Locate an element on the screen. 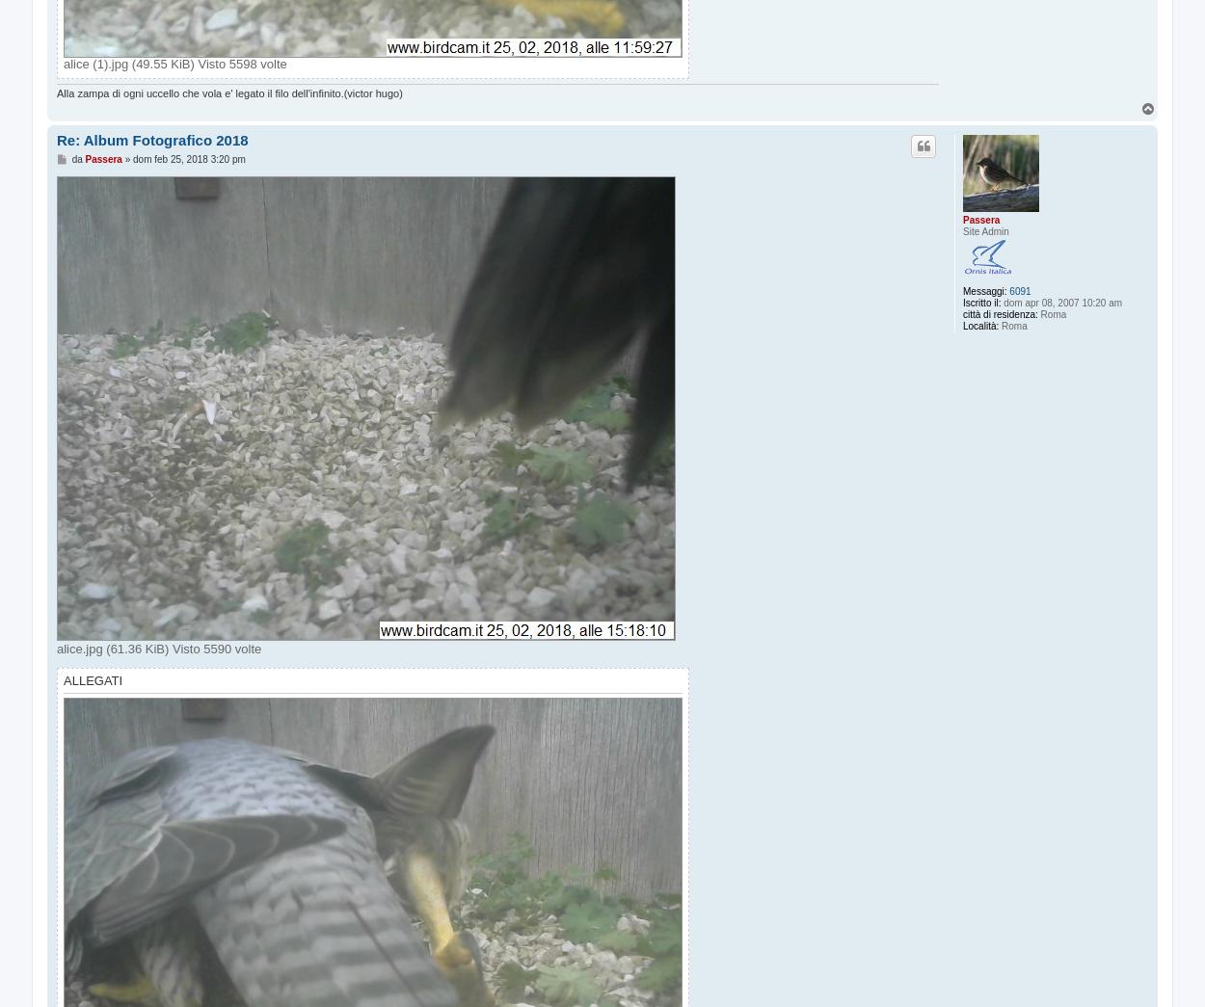 The image size is (1205, 1007). 'dom apr 08, 2007 10:20 am' is located at coordinates (1060, 302).